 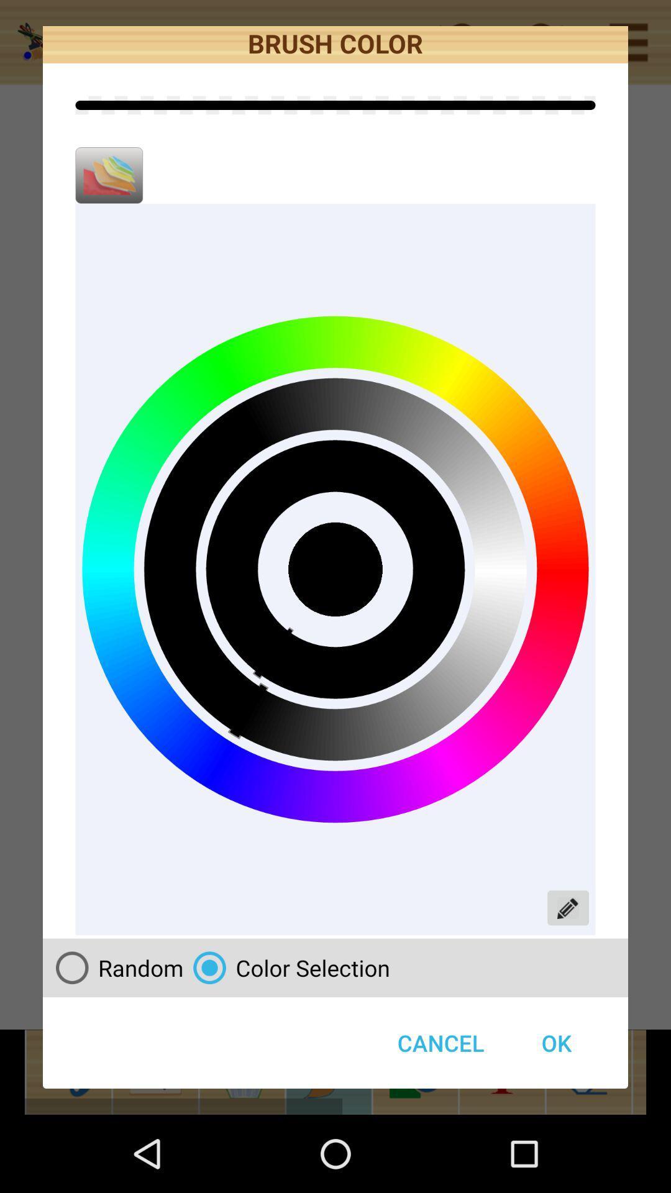 What do you see at coordinates (440, 1043) in the screenshot?
I see `the icon next to the random radio button` at bounding box center [440, 1043].